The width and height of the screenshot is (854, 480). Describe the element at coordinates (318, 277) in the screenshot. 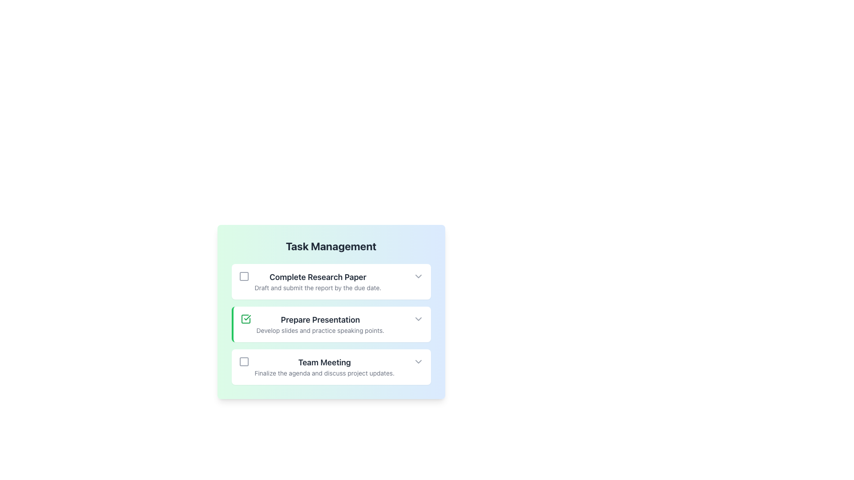

I see `the Text Label that acts as a title for the task, which is located in the first task card of the 'Task Management' interface, above the description text 'Draft and submit the report by the due date.'` at that location.